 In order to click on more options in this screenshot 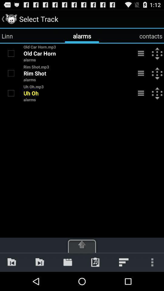, I will do `click(141, 53)`.